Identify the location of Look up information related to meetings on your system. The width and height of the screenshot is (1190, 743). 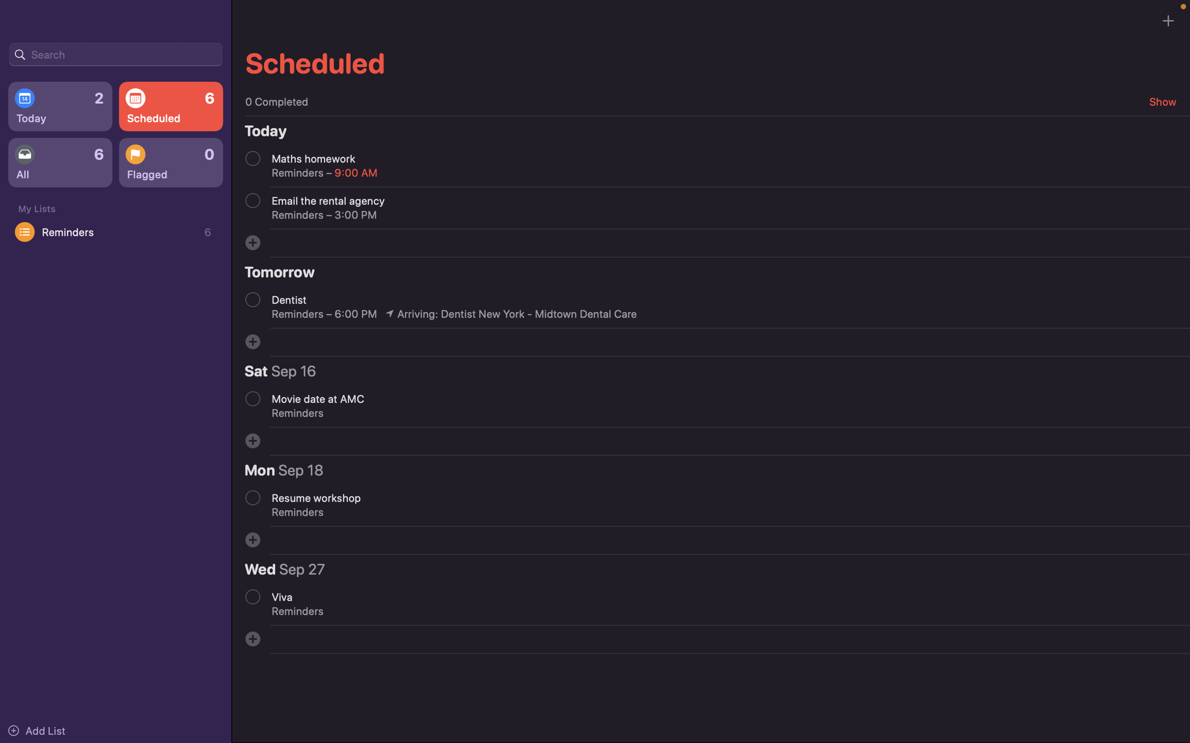
(115, 53).